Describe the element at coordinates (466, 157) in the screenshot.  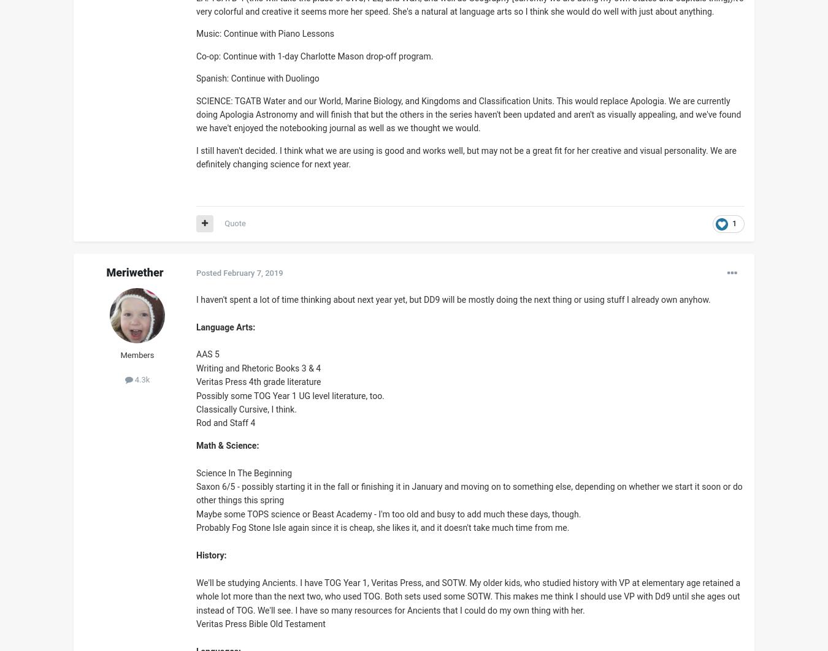
I see `'I still haven't decided. I think what we are using is good and works well, but may not be a great fit for her creative and visual personality. We are definitely changing science for next year.'` at that location.